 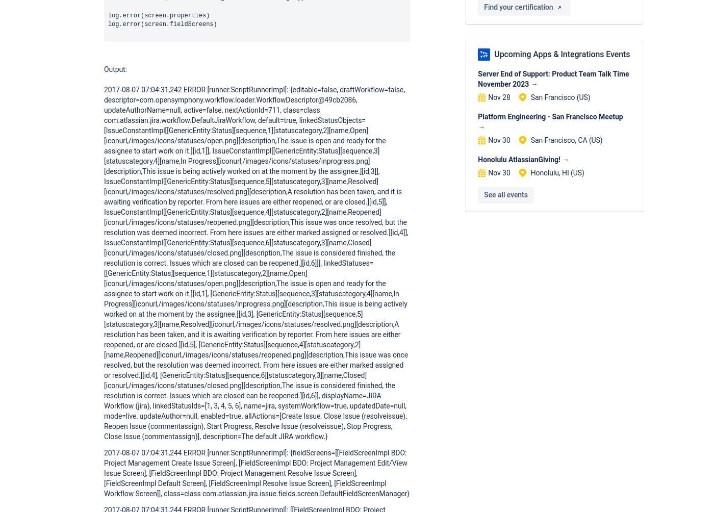 I want to click on 'See all events', so click(x=505, y=194).